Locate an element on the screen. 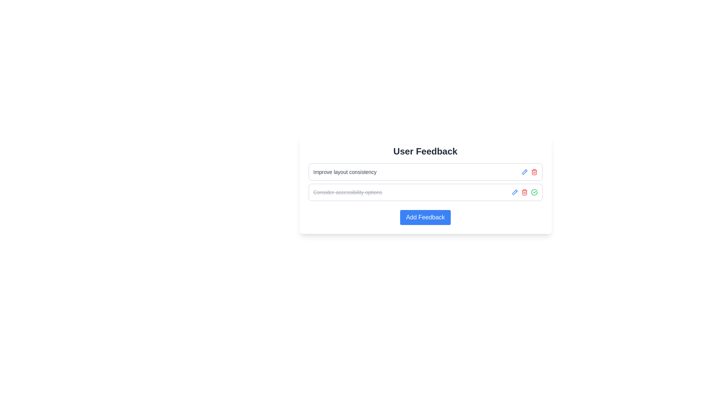 This screenshot has width=720, height=405. the red trash bin icon in the action group for the feedback item titled 'Improve layout consistency' is located at coordinates (529, 172).